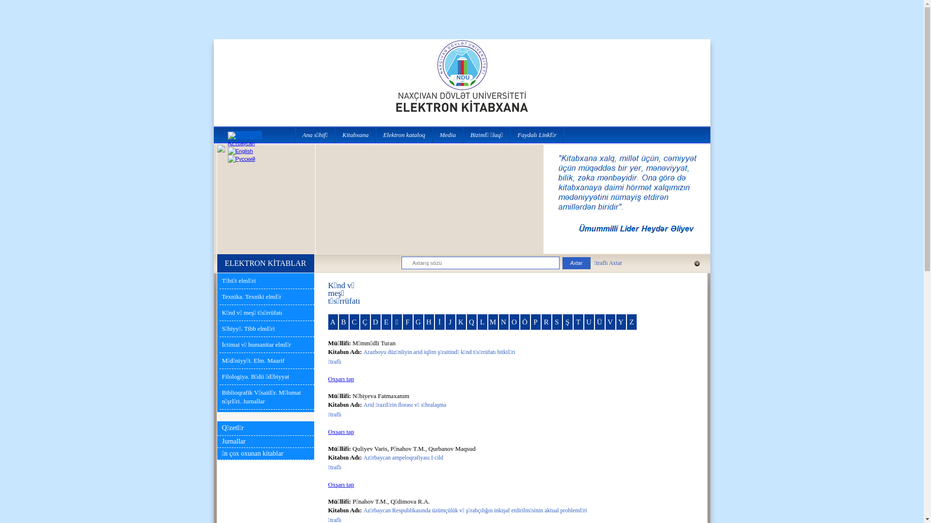 The image size is (931, 523). Describe the element at coordinates (556, 322) in the screenshot. I see `'S'` at that location.